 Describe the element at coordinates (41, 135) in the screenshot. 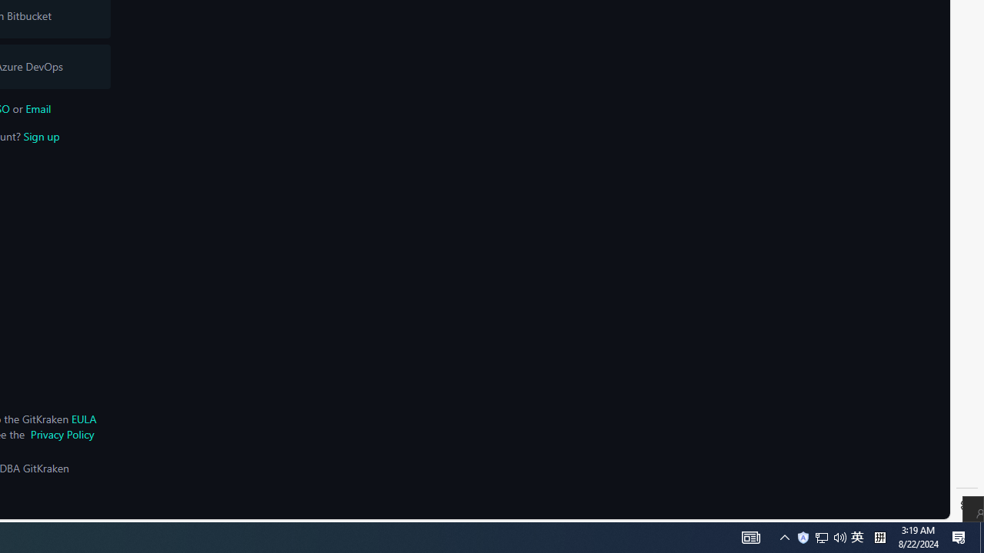

I see `'Sign up'` at that location.